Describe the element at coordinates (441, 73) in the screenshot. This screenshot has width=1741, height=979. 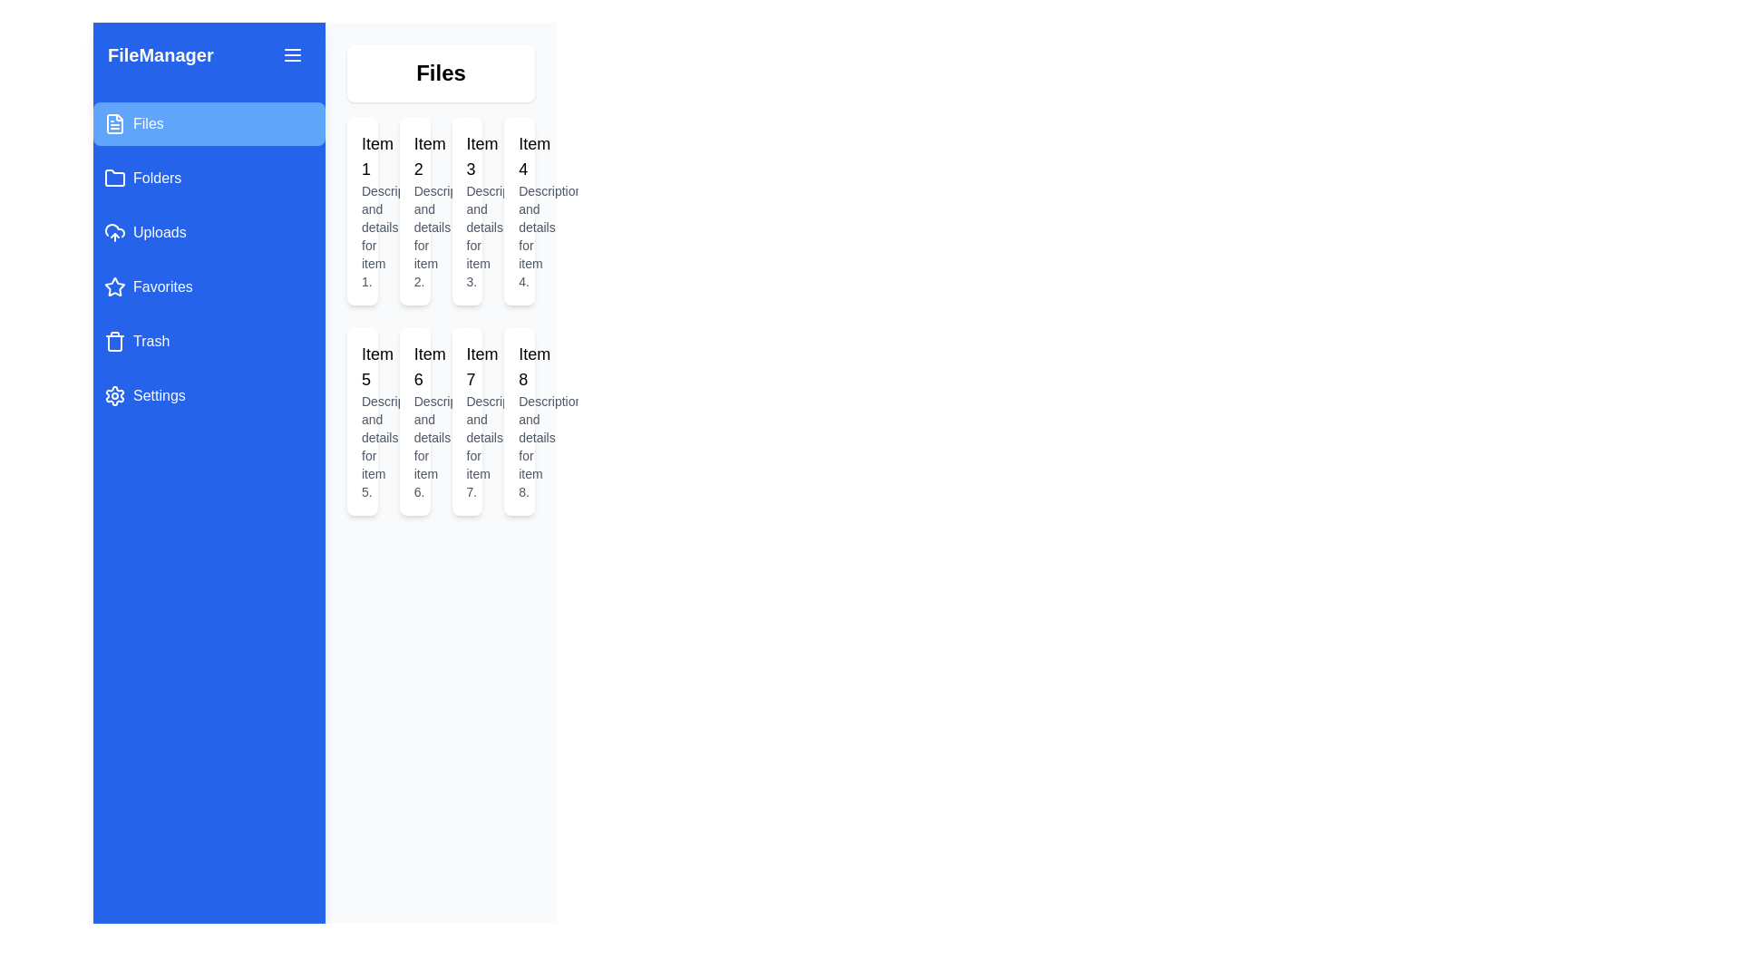
I see `the header component with a white background, rounded corners, and bold 'Files' text, which is centrally positioned at the top of the list` at that location.